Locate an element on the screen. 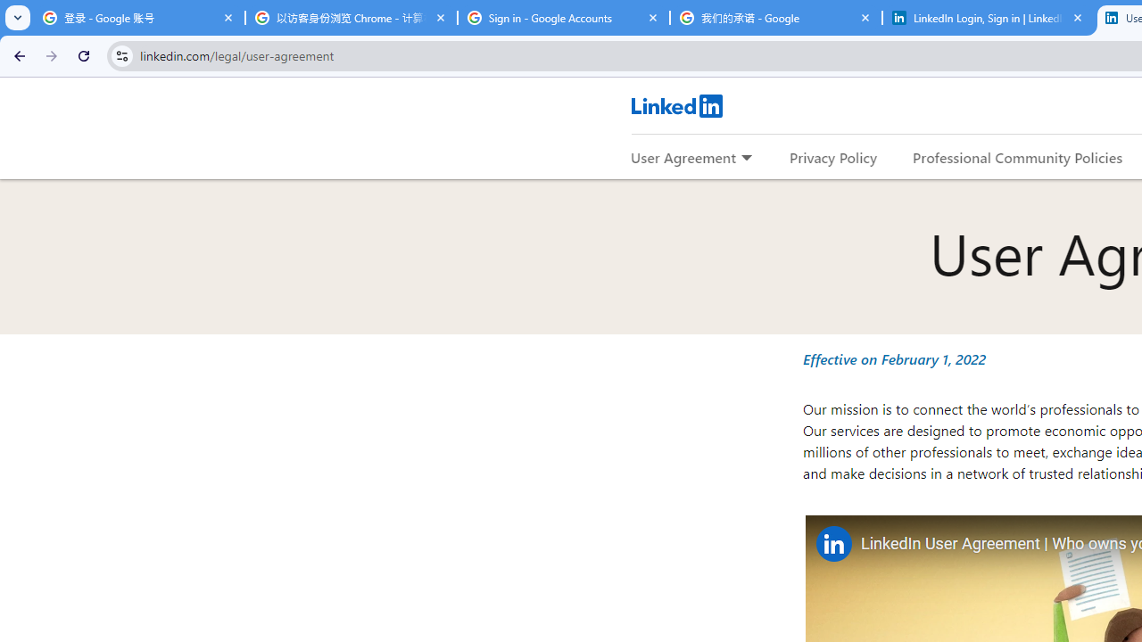 The width and height of the screenshot is (1142, 642). 'Photo image of LinkedIn' is located at coordinates (832, 542).